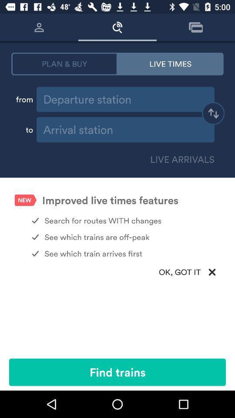 The height and width of the screenshot is (418, 235). Describe the element at coordinates (64, 63) in the screenshot. I see `plan & buy` at that location.